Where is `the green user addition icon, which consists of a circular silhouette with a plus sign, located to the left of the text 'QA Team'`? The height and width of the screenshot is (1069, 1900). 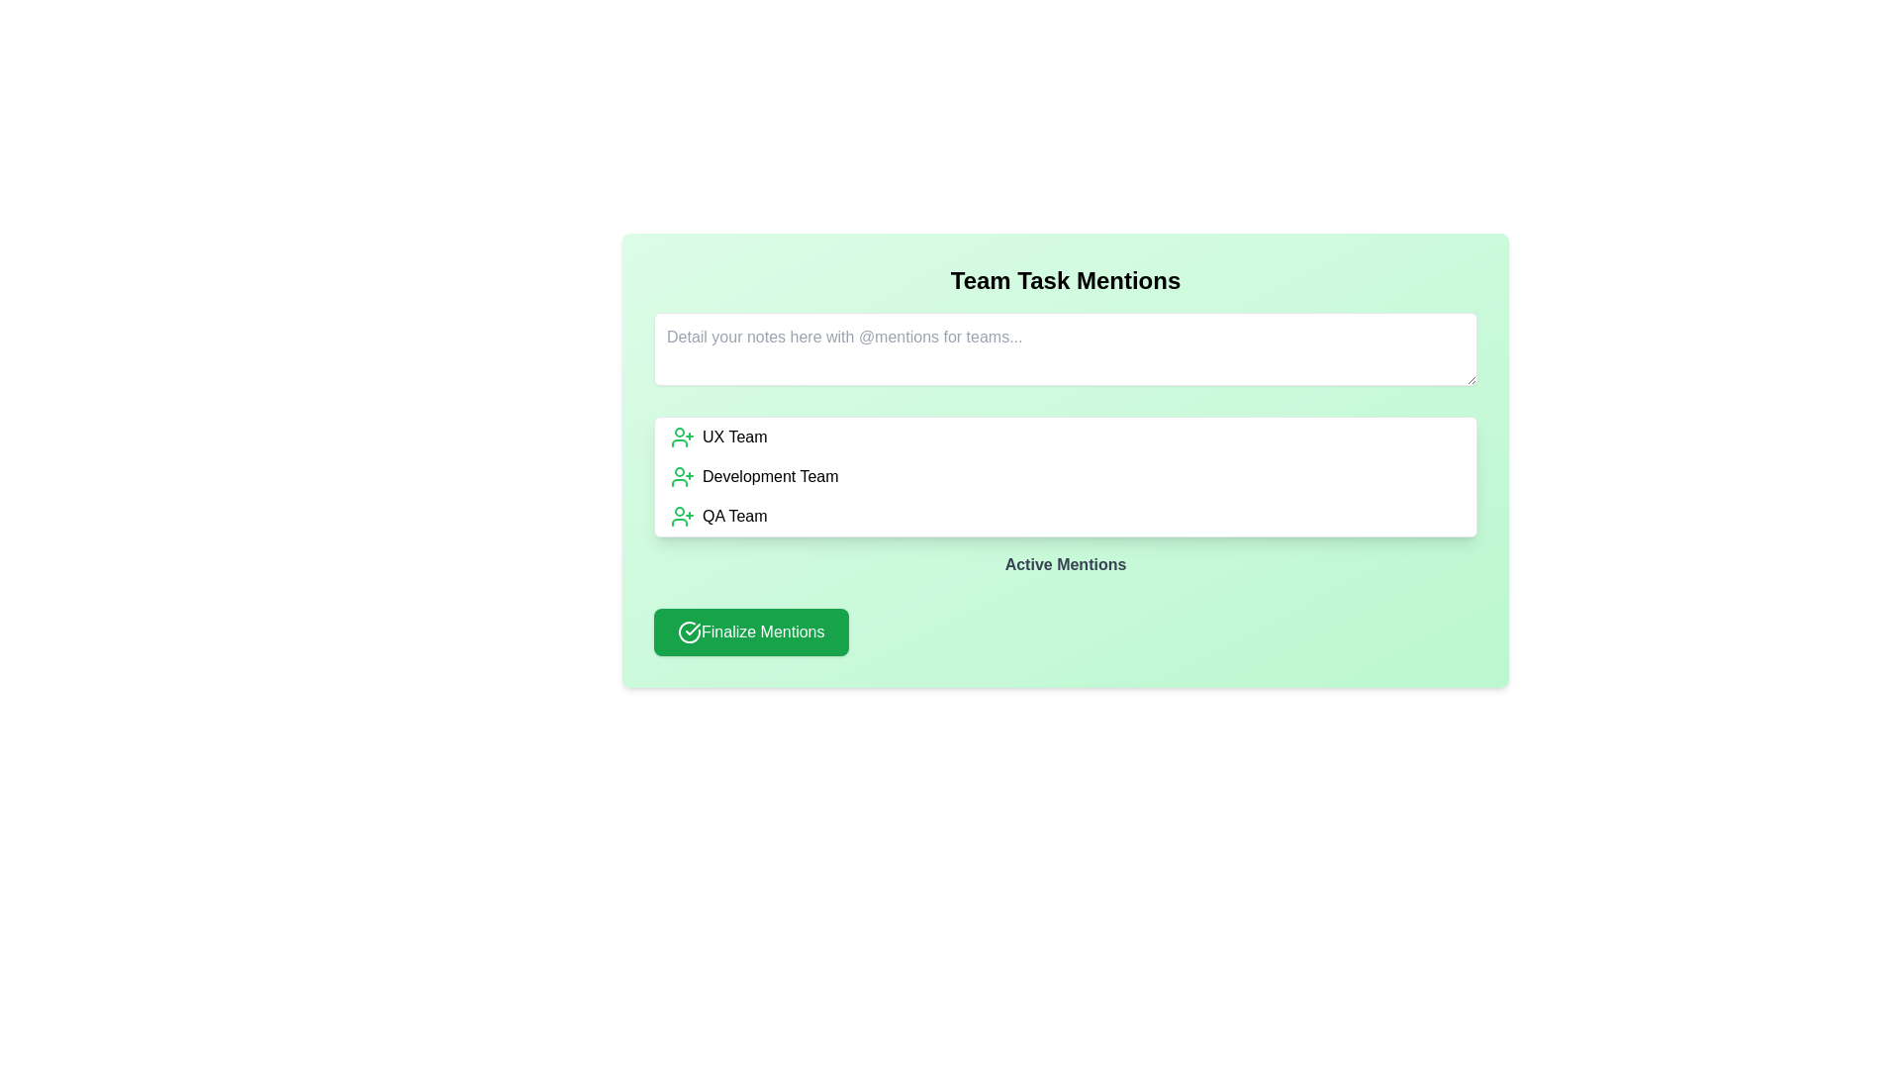
the green user addition icon, which consists of a circular silhouette with a plus sign, located to the left of the text 'QA Team' is located at coordinates (683, 515).